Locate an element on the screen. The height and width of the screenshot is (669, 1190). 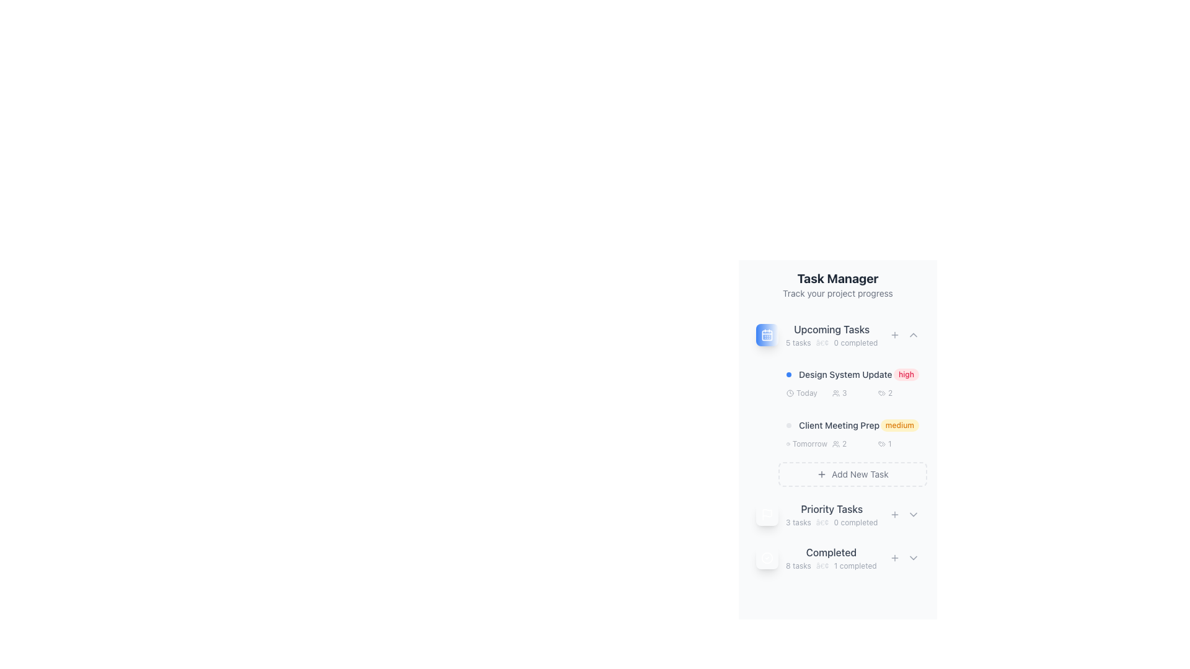
the visual separator element located between '3 tasks' and '0 completed' in the 'Priority Tasks' section is located at coordinates (822, 523).